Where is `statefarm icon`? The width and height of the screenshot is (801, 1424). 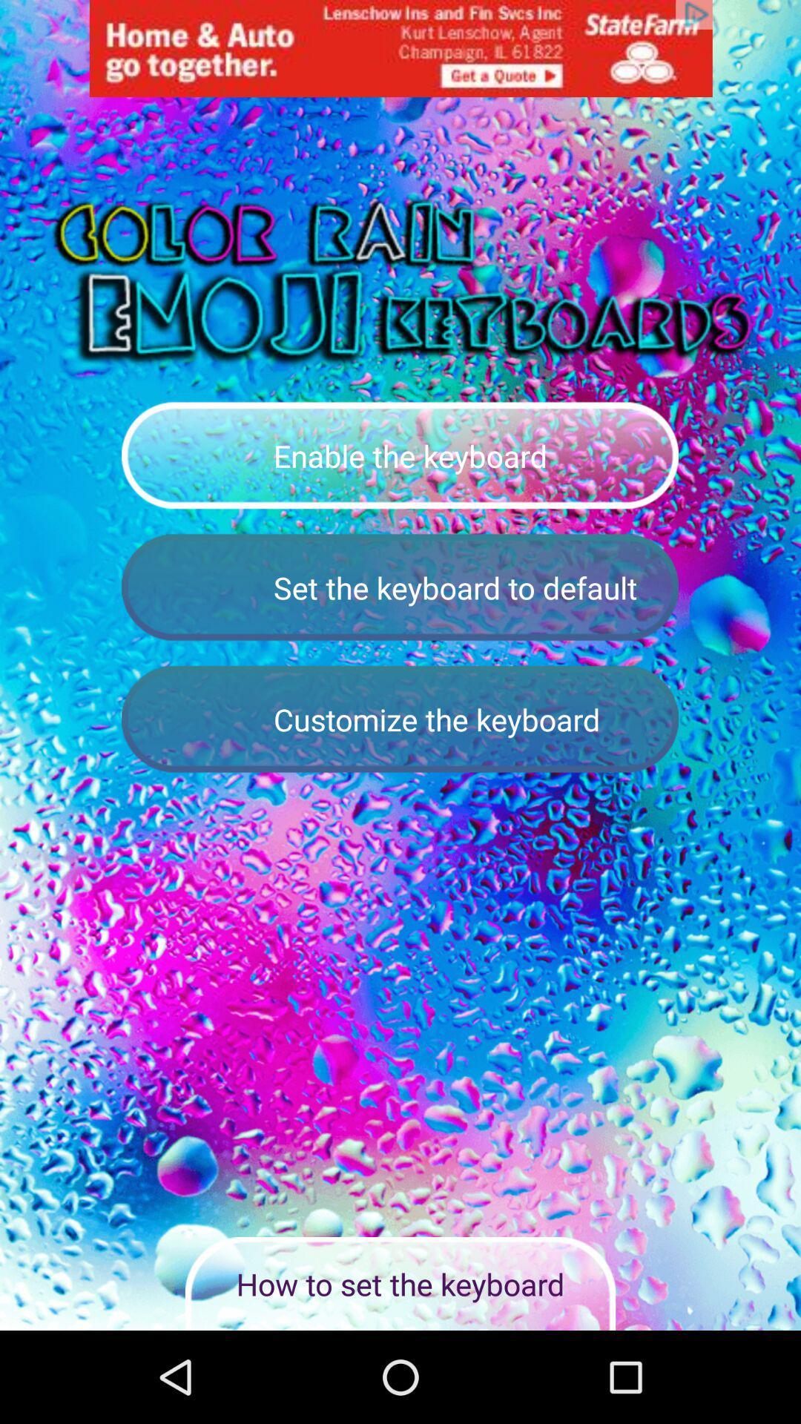 statefarm icon is located at coordinates (400, 48).